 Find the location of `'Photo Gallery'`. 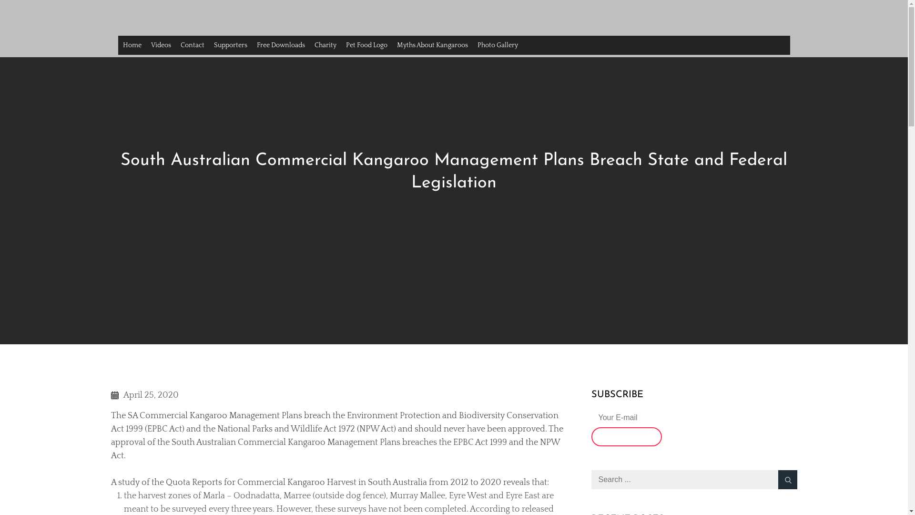

'Photo Gallery' is located at coordinates (497, 45).